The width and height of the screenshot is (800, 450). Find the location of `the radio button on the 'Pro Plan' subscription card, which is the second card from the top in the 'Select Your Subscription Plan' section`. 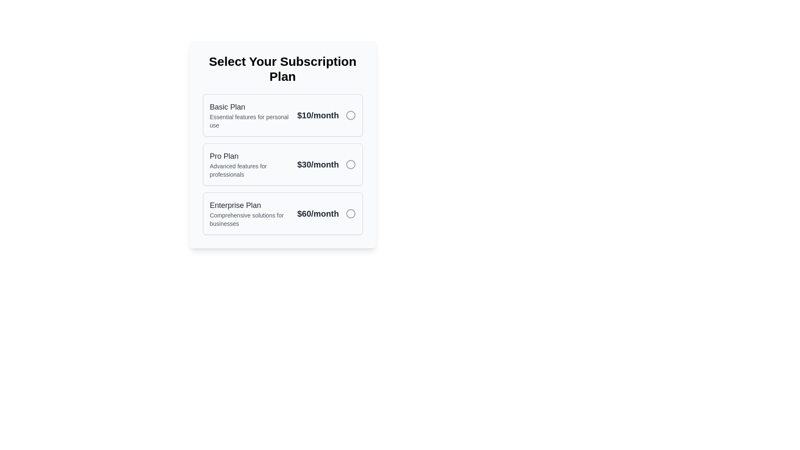

the radio button on the 'Pro Plan' subscription card, which is the second card from the top in the 'Select Your Subscription Plan' section is located at coordinates (282, 164).